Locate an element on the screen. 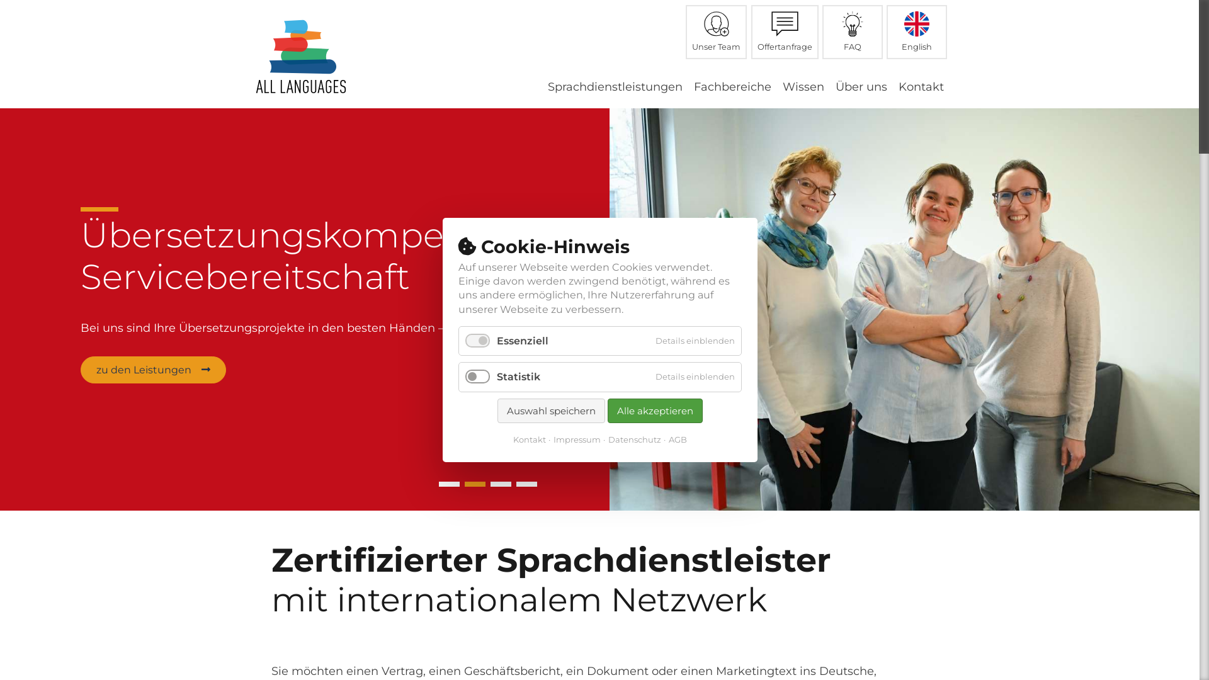 This screenshot has width=1209, height=680. 'Fachbereiche' is located at coordinates (732, 88).